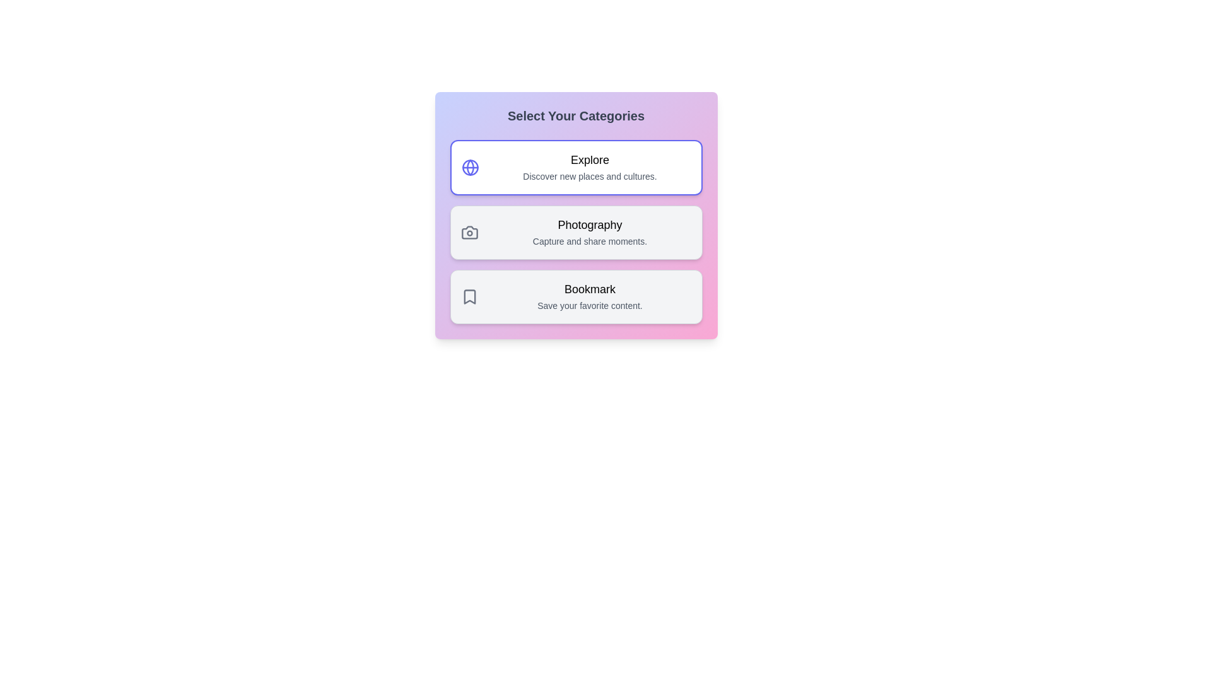  I want to click on the category Bookmark, so click(575, 296).